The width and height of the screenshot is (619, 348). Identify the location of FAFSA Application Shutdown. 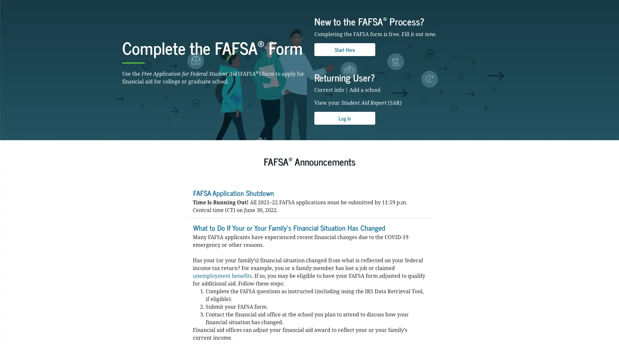
(233, 234).